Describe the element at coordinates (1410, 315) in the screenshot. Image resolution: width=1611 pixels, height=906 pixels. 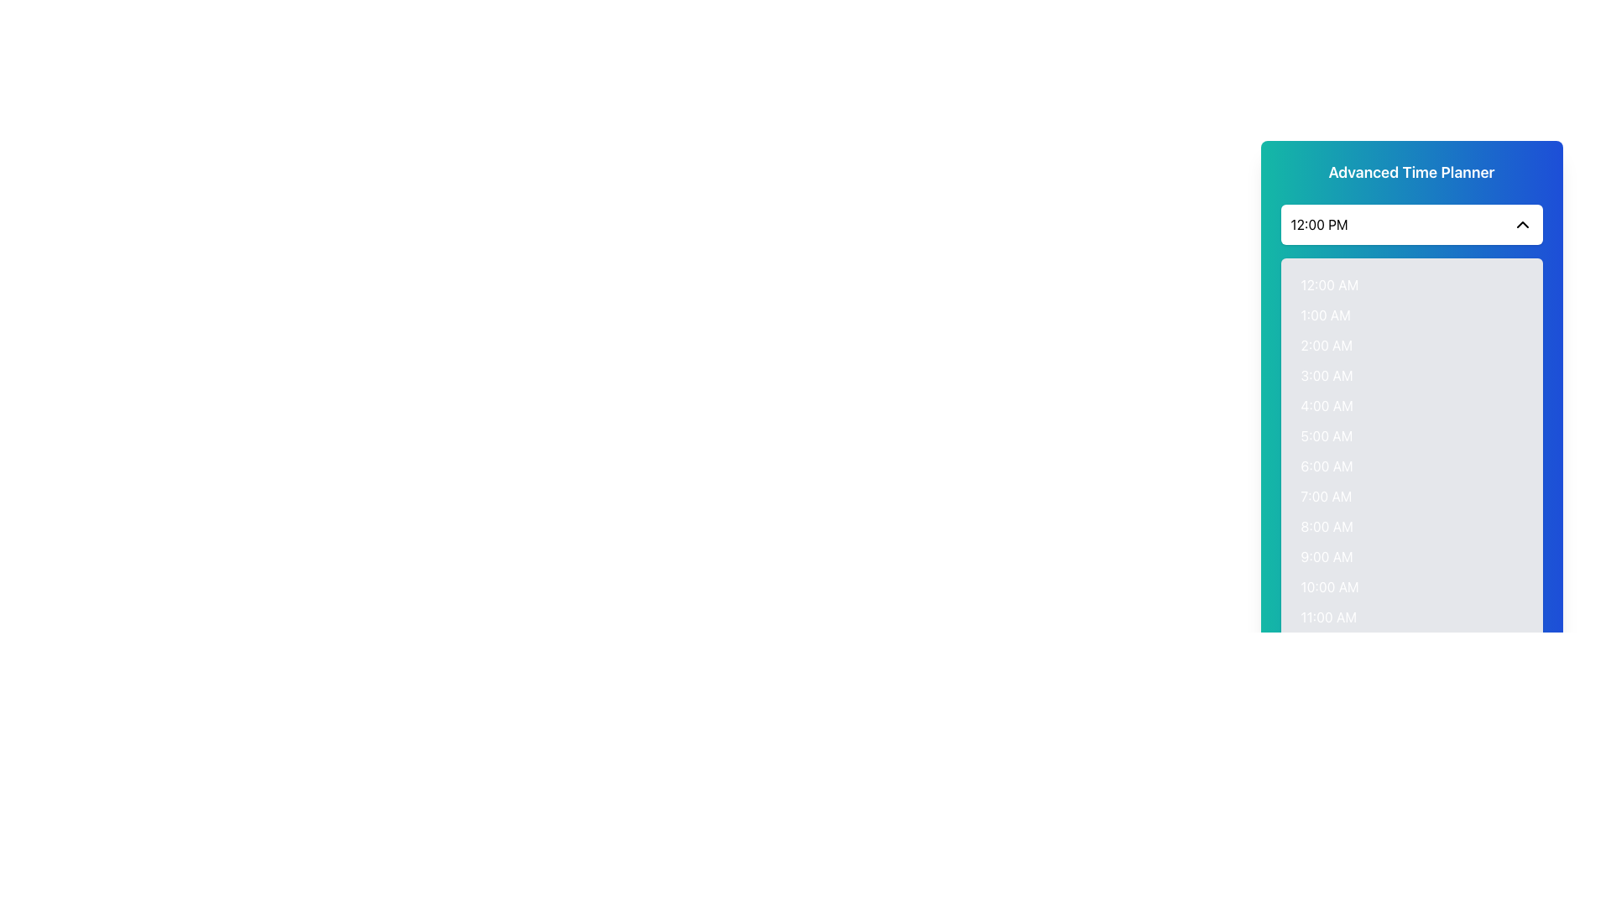
I see `keyboard navigation` at that location.